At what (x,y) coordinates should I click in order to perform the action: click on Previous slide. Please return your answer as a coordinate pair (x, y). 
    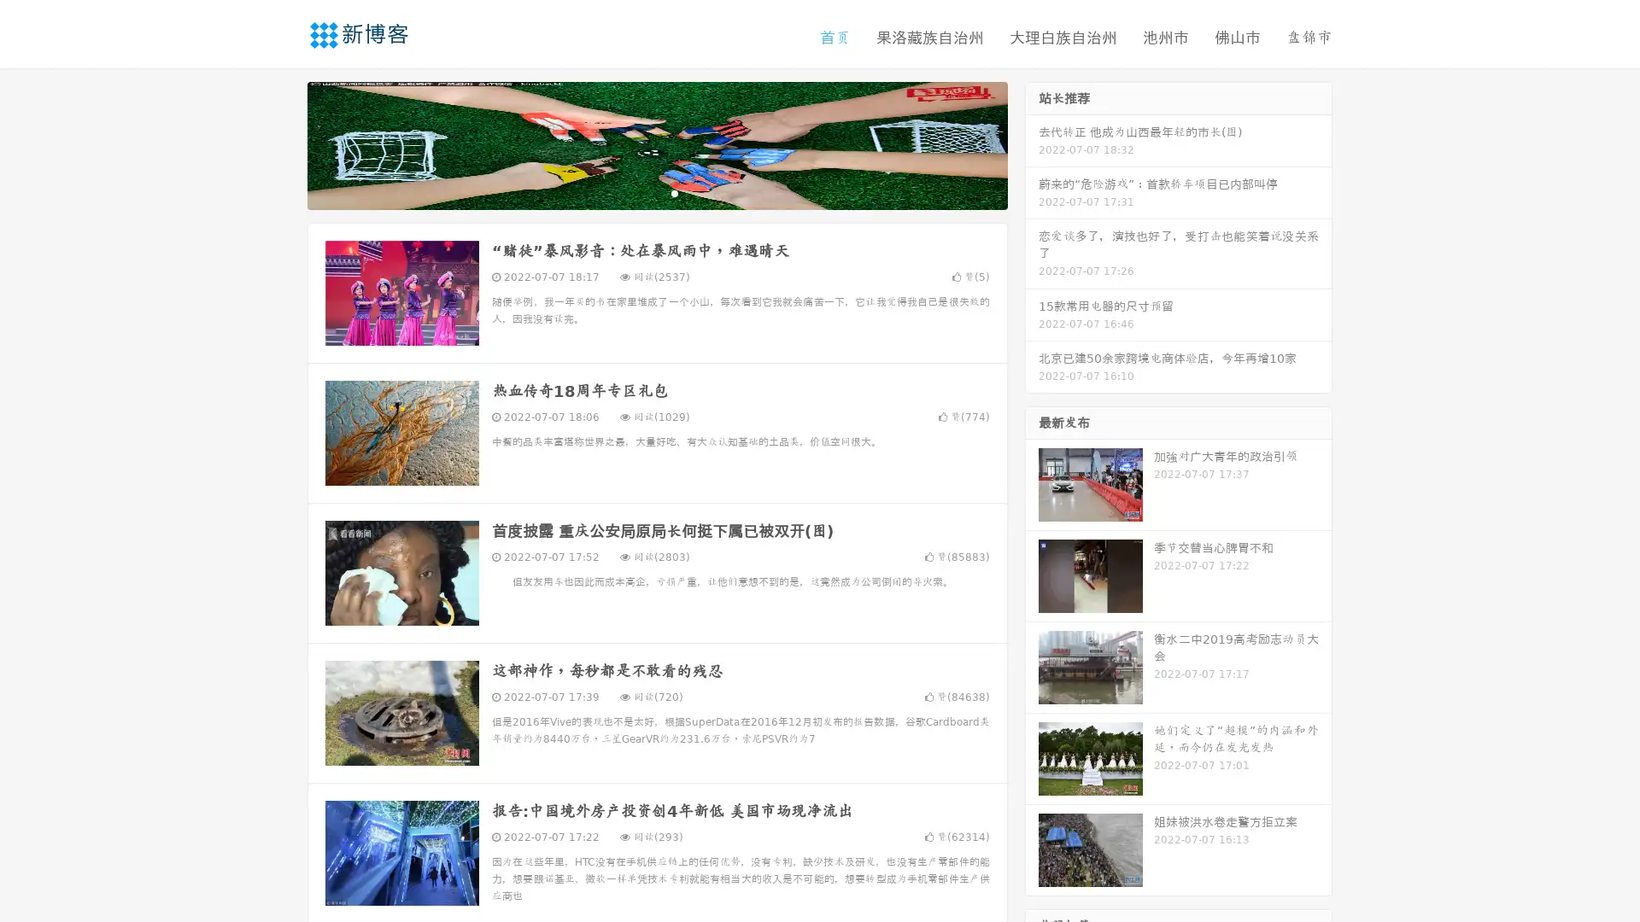
    Looking at the image, I should click on (282, 143).